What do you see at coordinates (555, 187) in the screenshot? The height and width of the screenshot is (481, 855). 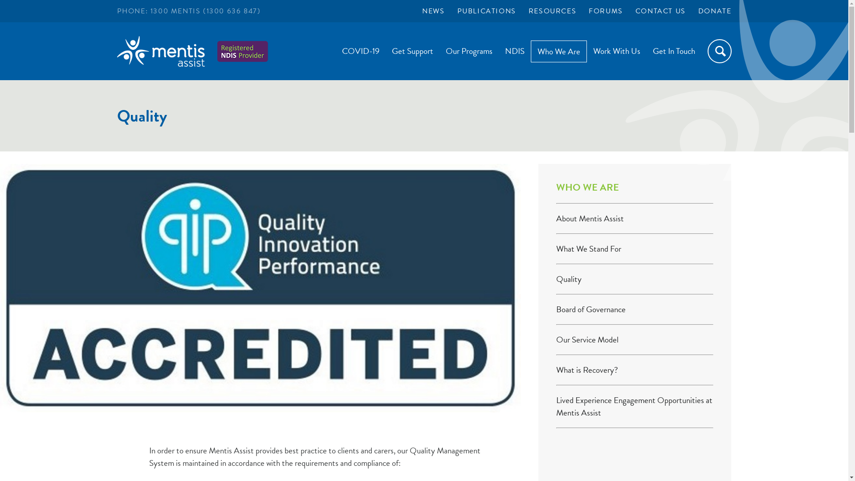 I see `'WHO WE ARE'` at bounding box center [555, 187].